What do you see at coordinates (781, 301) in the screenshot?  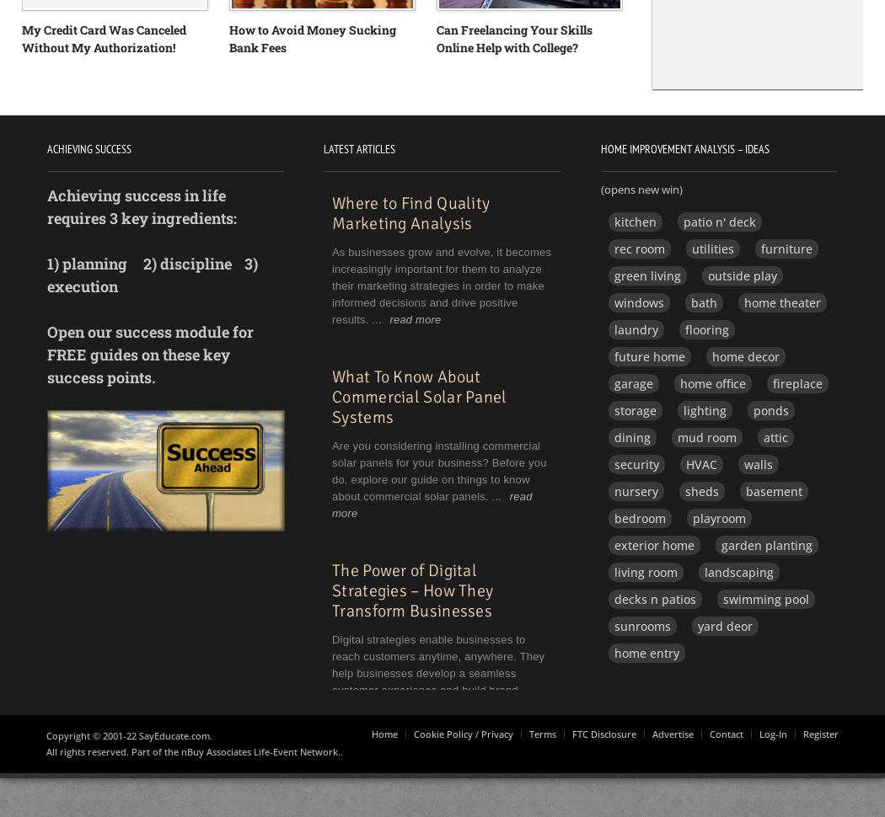 I see `'home theater'` at bounding box center [781, 301].